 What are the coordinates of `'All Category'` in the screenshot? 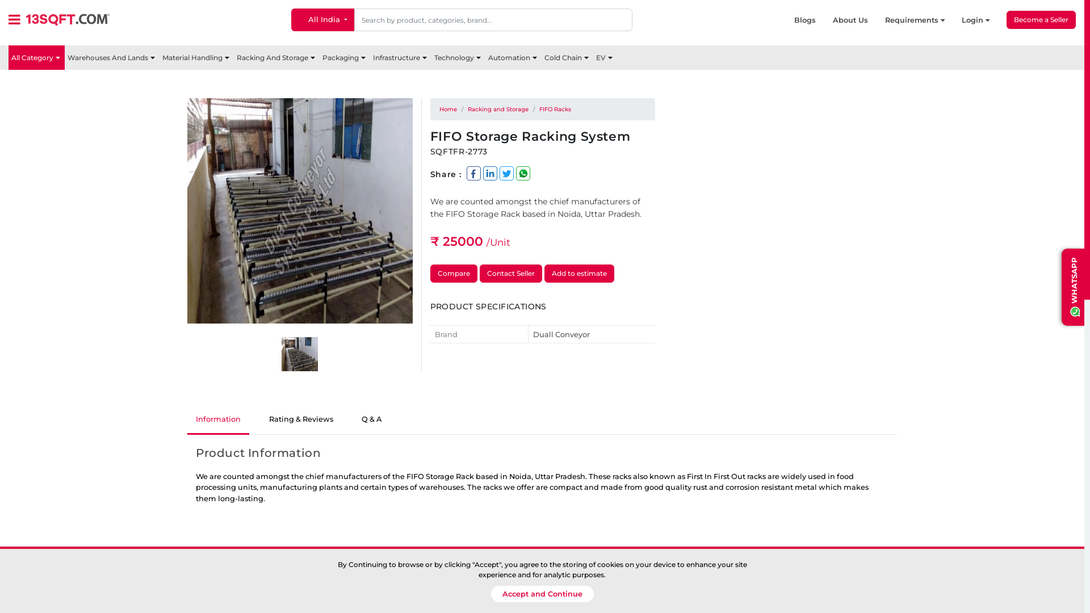 It's located at (36, 57).